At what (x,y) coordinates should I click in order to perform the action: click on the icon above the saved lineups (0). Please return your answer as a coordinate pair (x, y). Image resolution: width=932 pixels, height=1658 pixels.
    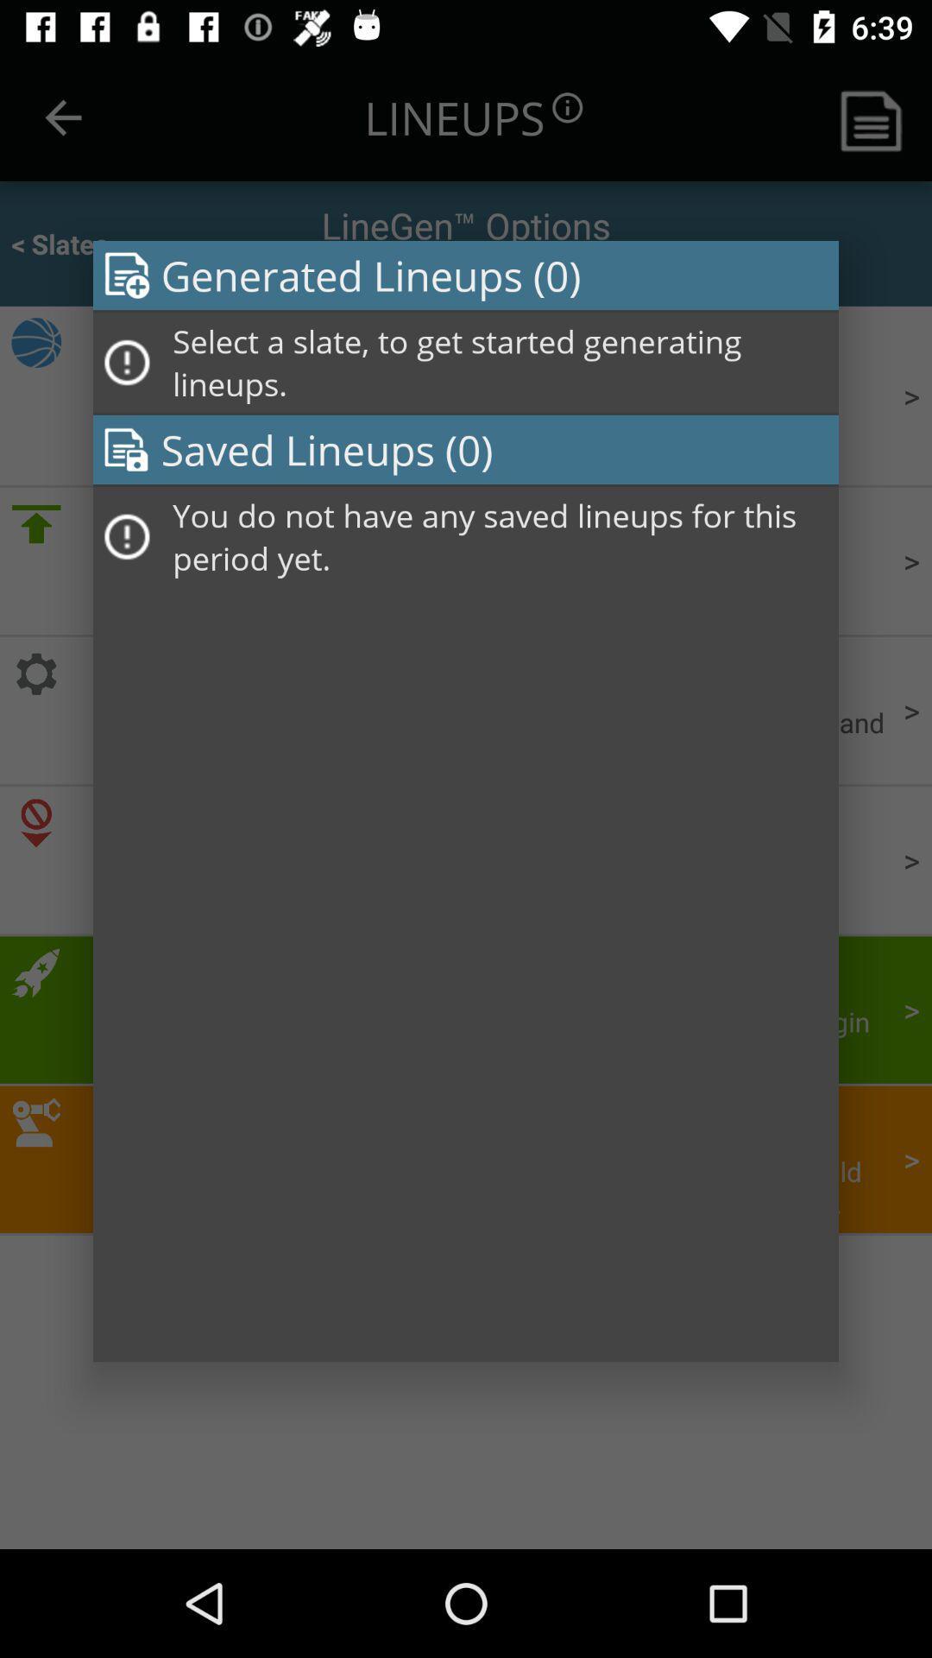
    Looking at the image, I should click on (500, 362).